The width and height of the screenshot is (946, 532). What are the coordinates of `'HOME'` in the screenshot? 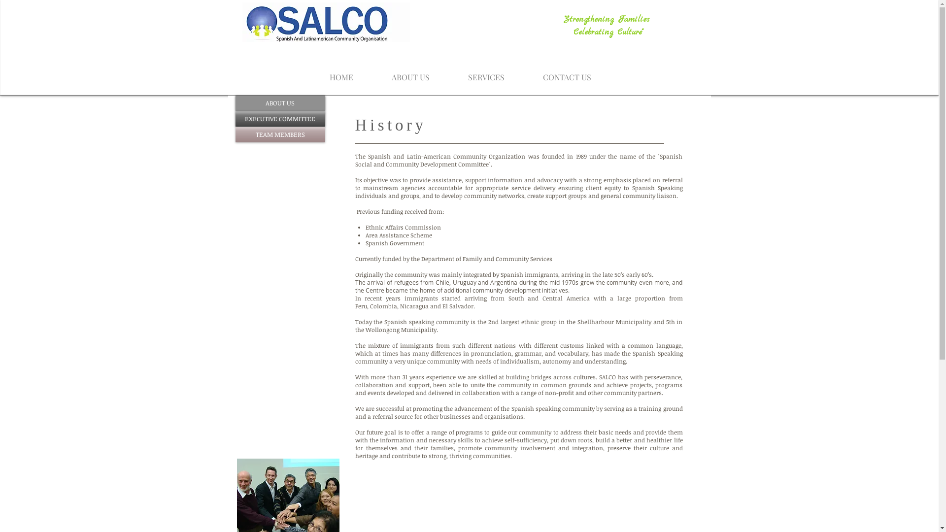 It's located at (341, 72).